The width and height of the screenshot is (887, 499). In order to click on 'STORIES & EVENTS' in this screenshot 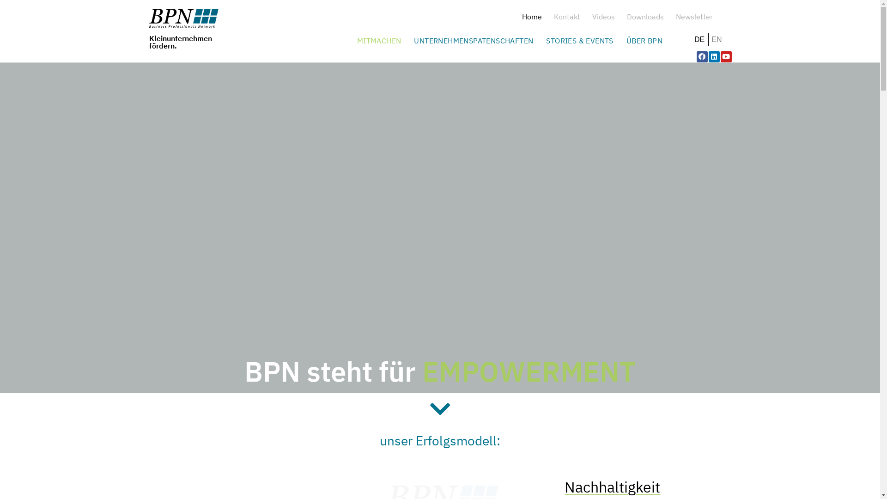, I will do `click(541, 40)`.